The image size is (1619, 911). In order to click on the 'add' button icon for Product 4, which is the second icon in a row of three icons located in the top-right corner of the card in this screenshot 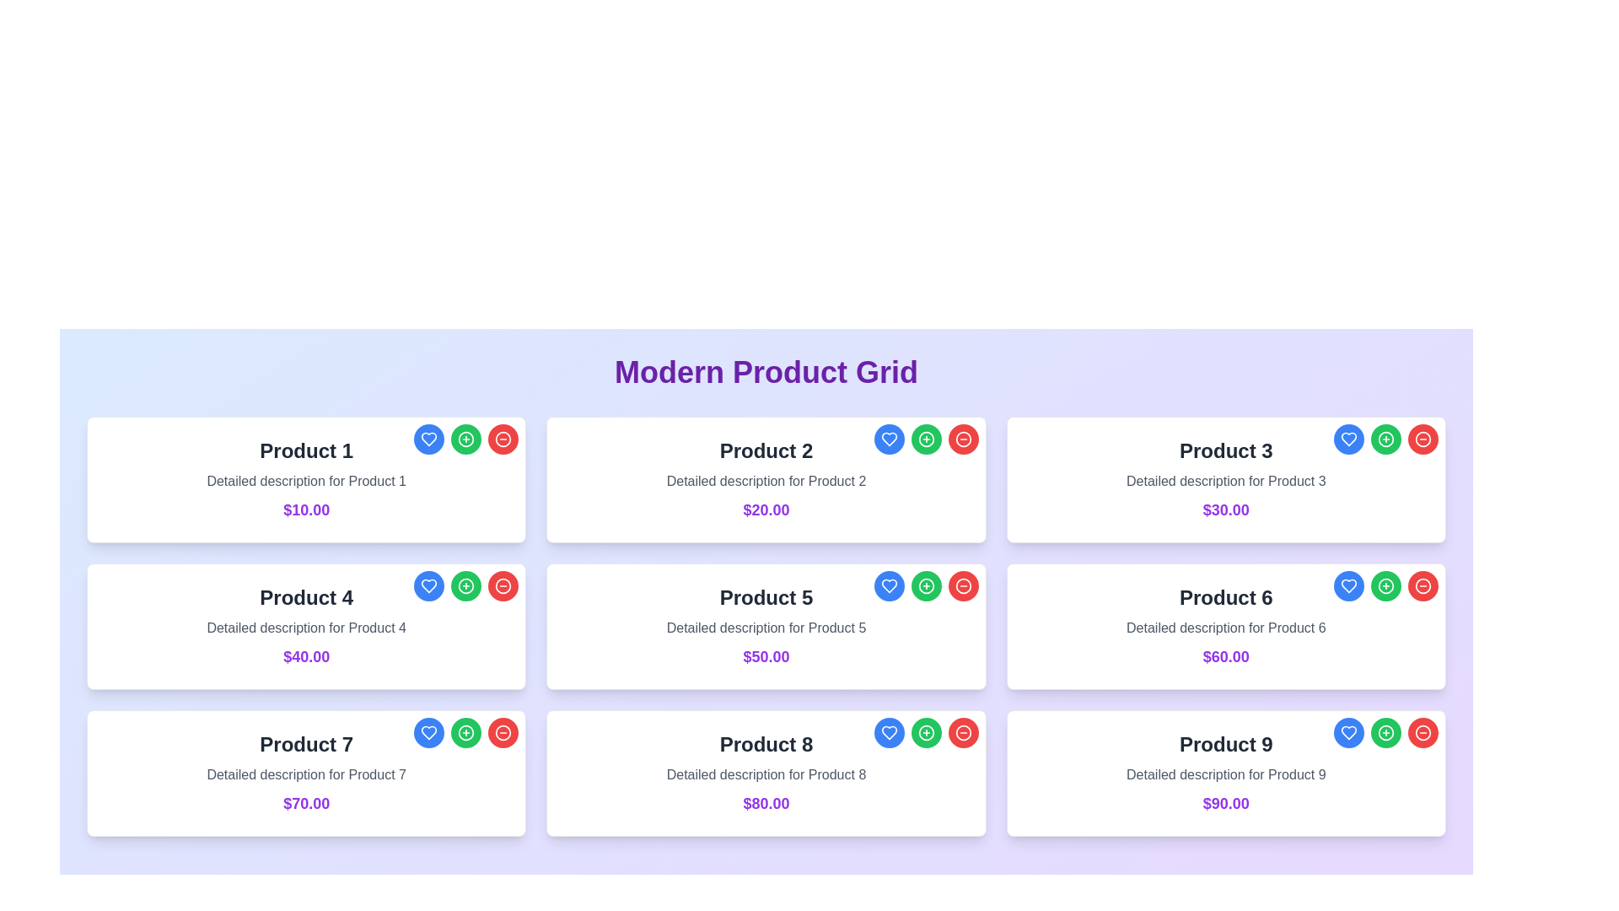, I will do `click(466, 585)`.